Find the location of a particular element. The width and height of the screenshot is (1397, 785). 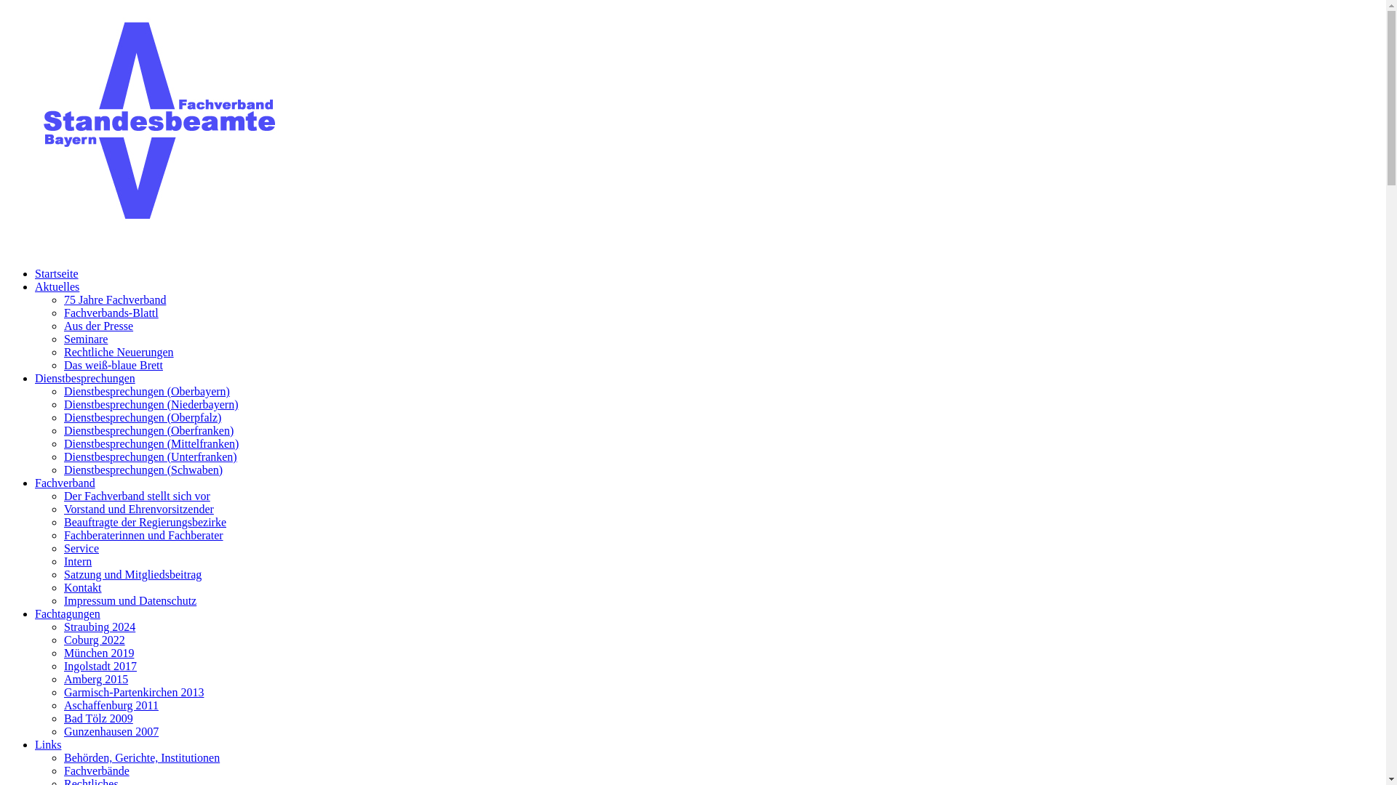

'Aus der Presse' is located at coordinates (97, 325).